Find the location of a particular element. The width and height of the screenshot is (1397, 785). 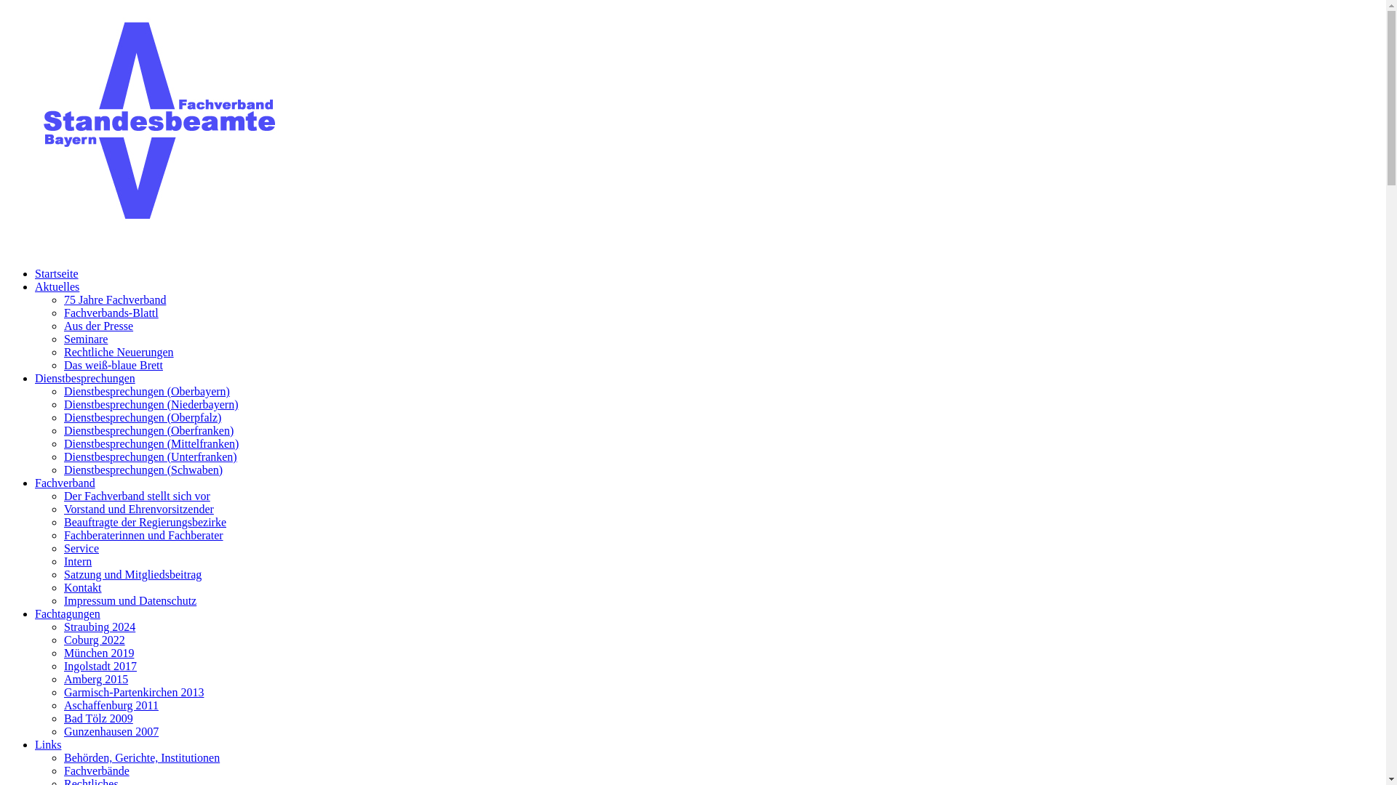

'Aus der Presse' is located at coordinates (97, 325).